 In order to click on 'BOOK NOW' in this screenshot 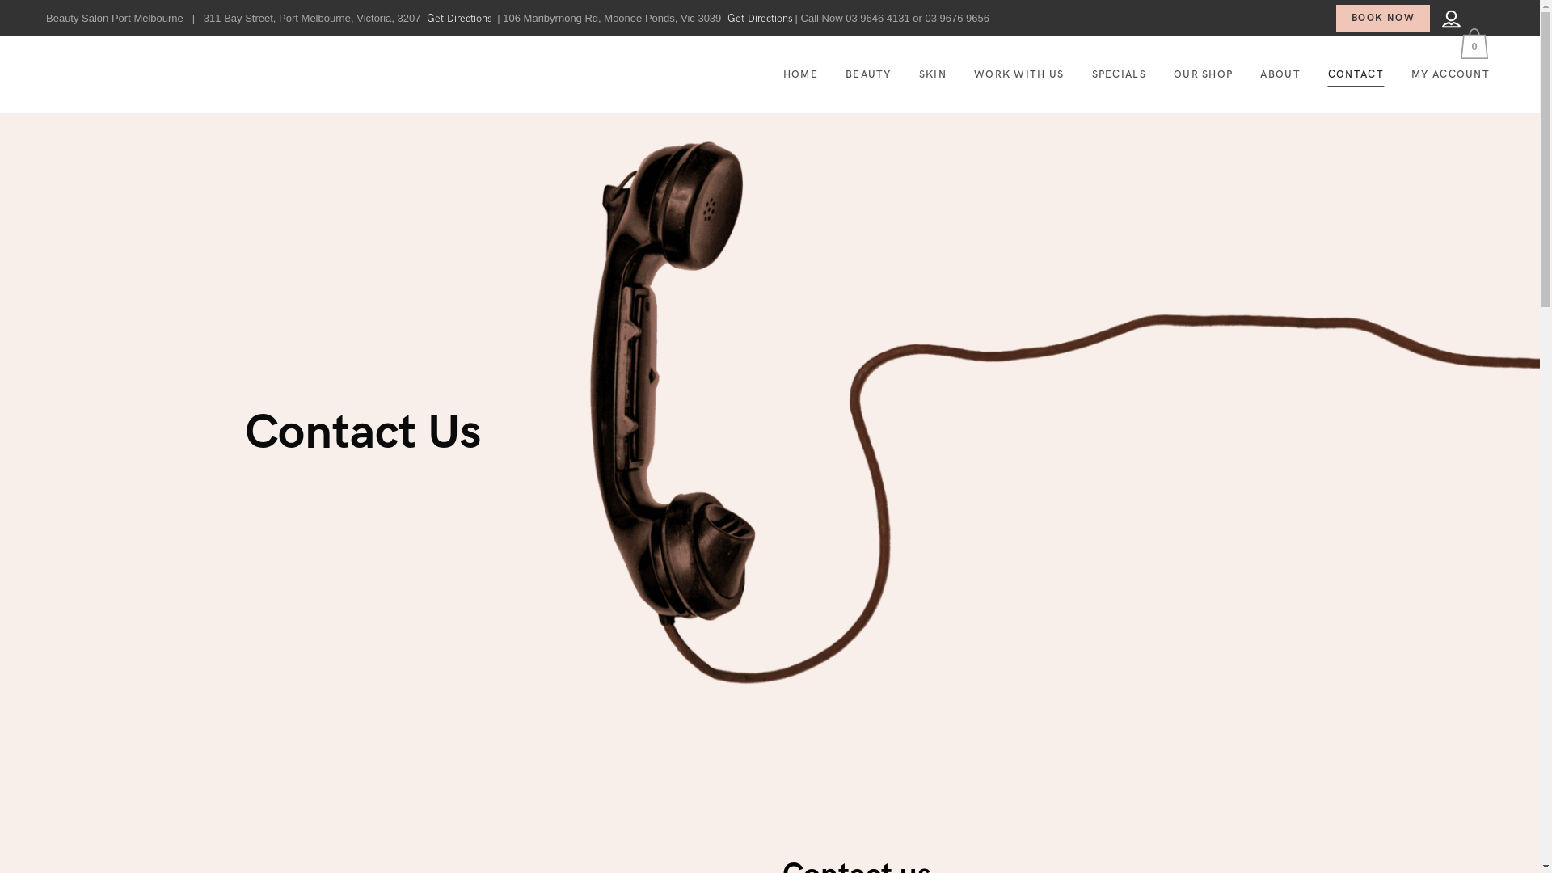, I will do `click(1381, 18)`.